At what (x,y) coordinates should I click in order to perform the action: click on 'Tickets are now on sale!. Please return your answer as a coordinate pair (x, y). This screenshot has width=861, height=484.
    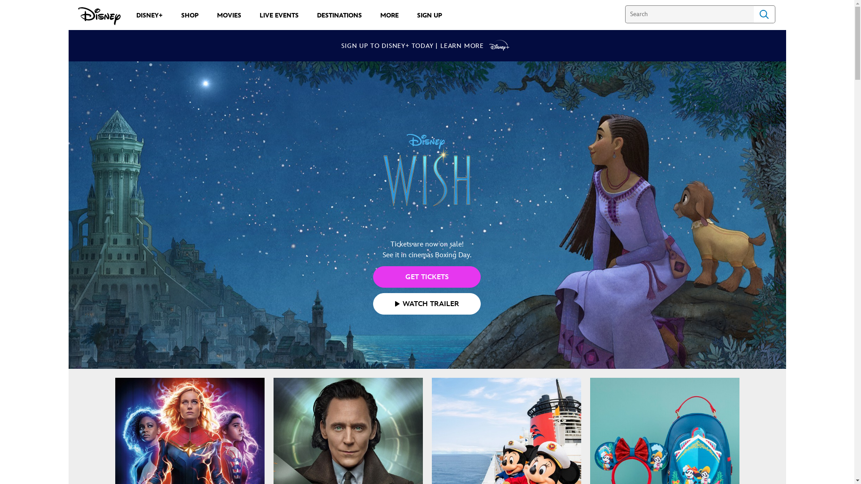
    Looking at the image, I should click on (426, 188).